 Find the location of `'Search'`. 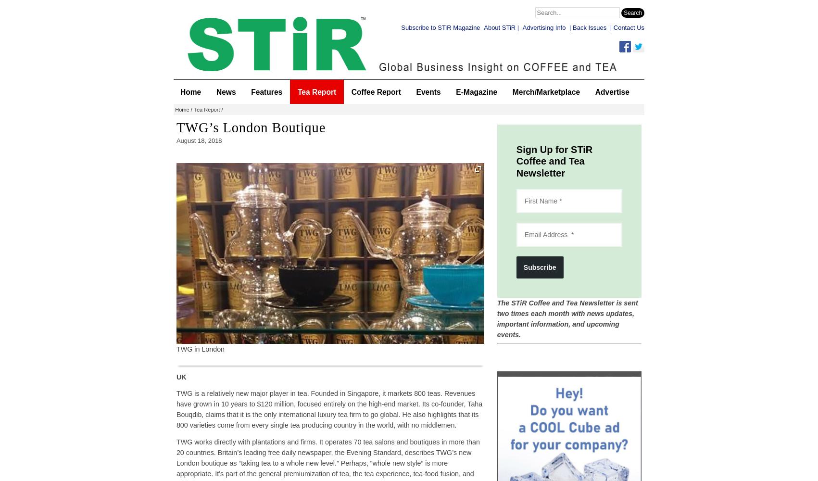

'Search' is located at coordinates (633, 13).